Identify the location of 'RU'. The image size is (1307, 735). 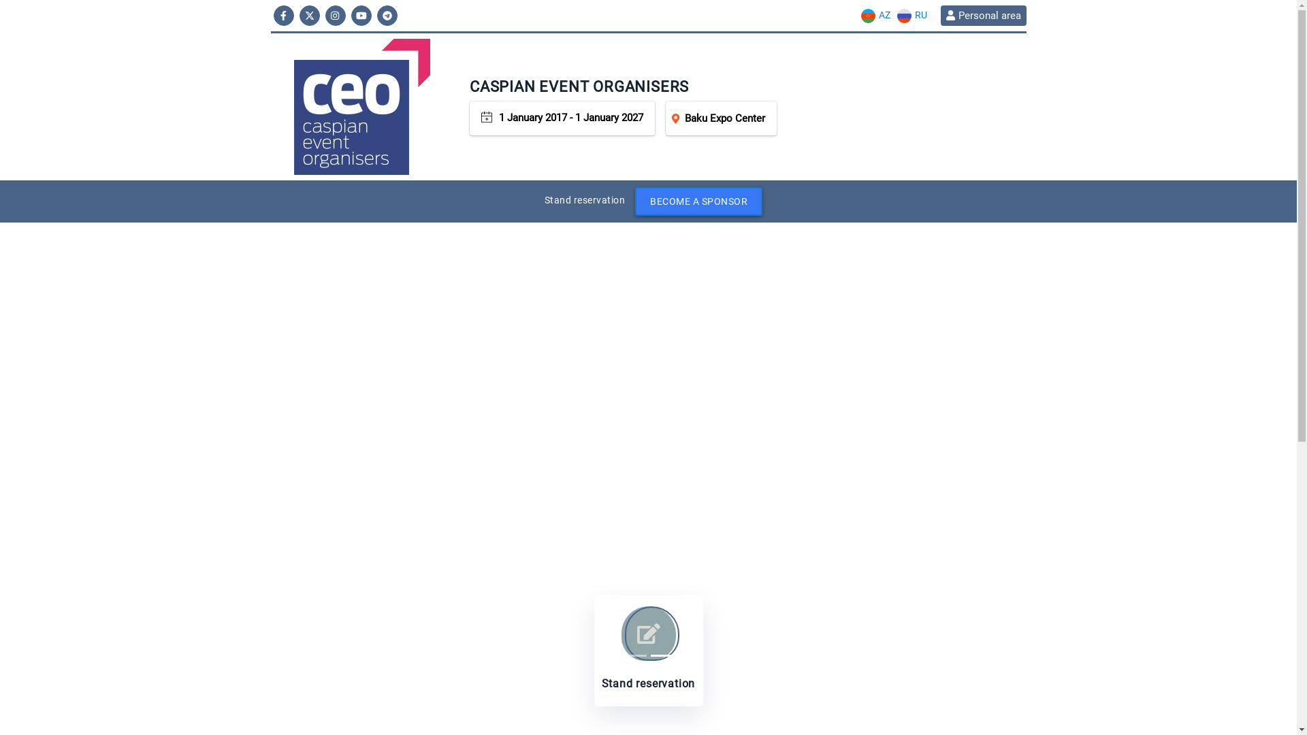
(911, 15).